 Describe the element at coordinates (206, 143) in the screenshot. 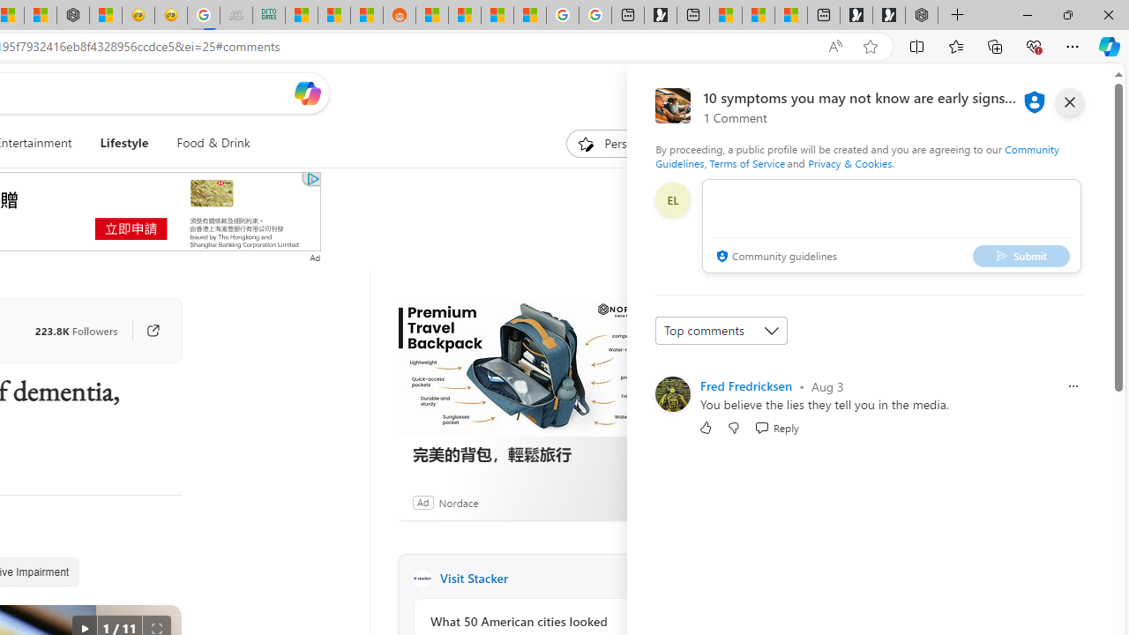

I see `'Food & Drink'` at that location.